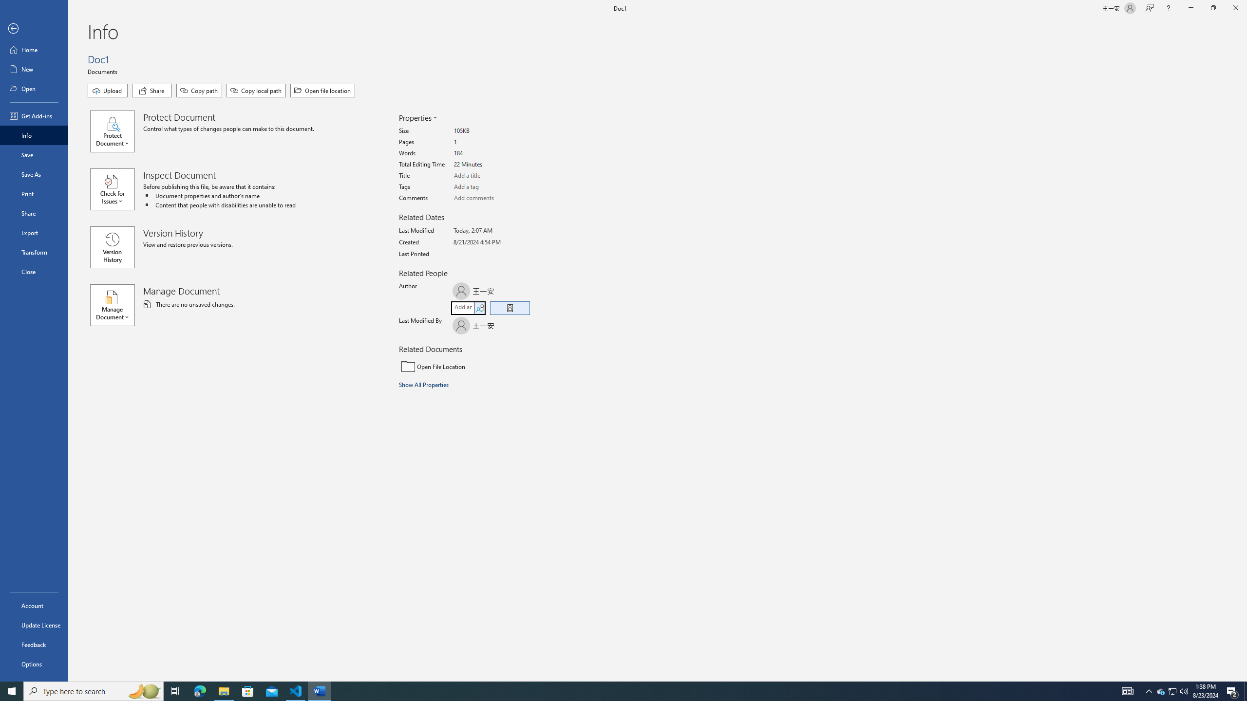 This screenshot has width=1247, height=701. What do you see at coordinates (34, 28) in the screenshot?
I see `'Back'` at bounding box center [34, 28].